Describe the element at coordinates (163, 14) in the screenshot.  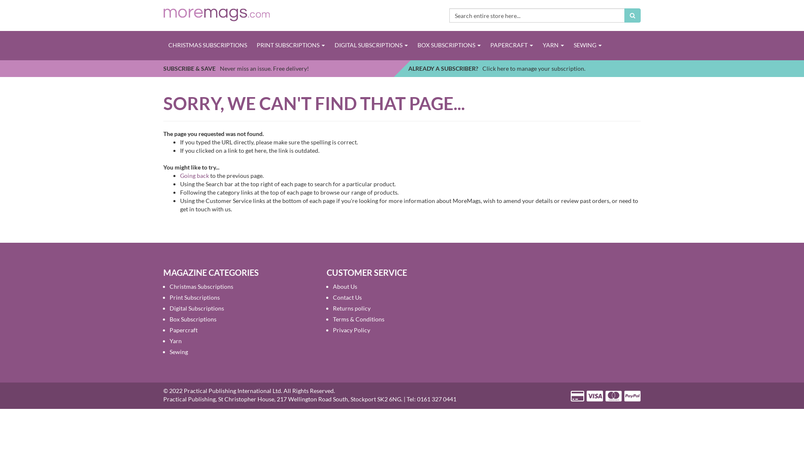
I see `'MoreMags'` at that location.